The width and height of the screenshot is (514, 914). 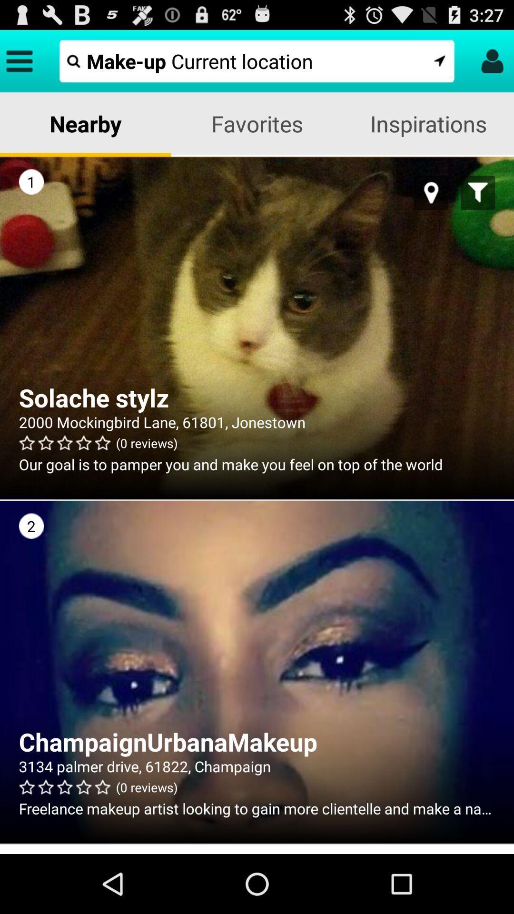 I want to click on make up current app, so click(x=257, y=60).